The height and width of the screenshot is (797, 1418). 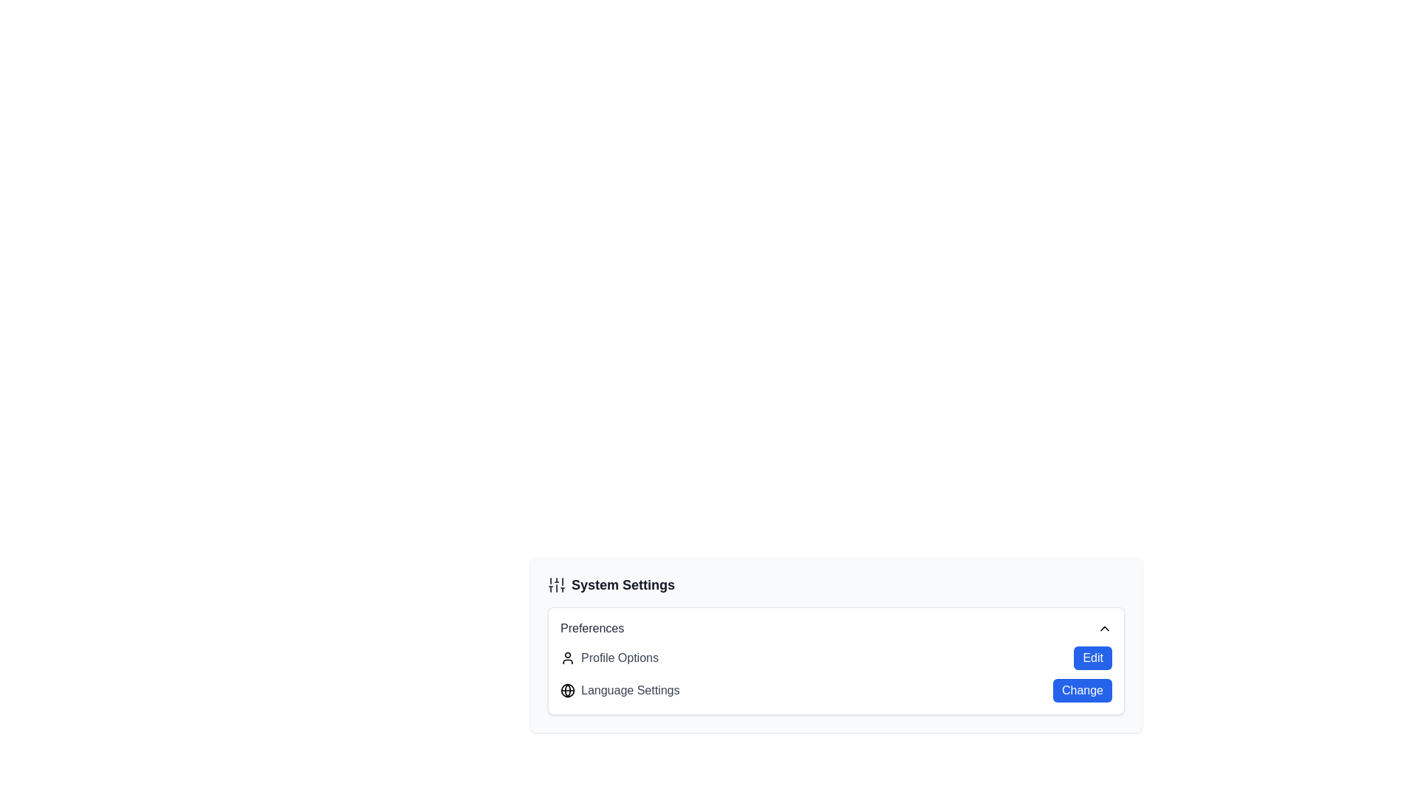 What do you see at coordinates (836, 657) in the screenshot?
I see `the first list item in the 'Preferences' section that allows the user to edit profile settings using the 'Edit' button` at bounding box center [836, 657].